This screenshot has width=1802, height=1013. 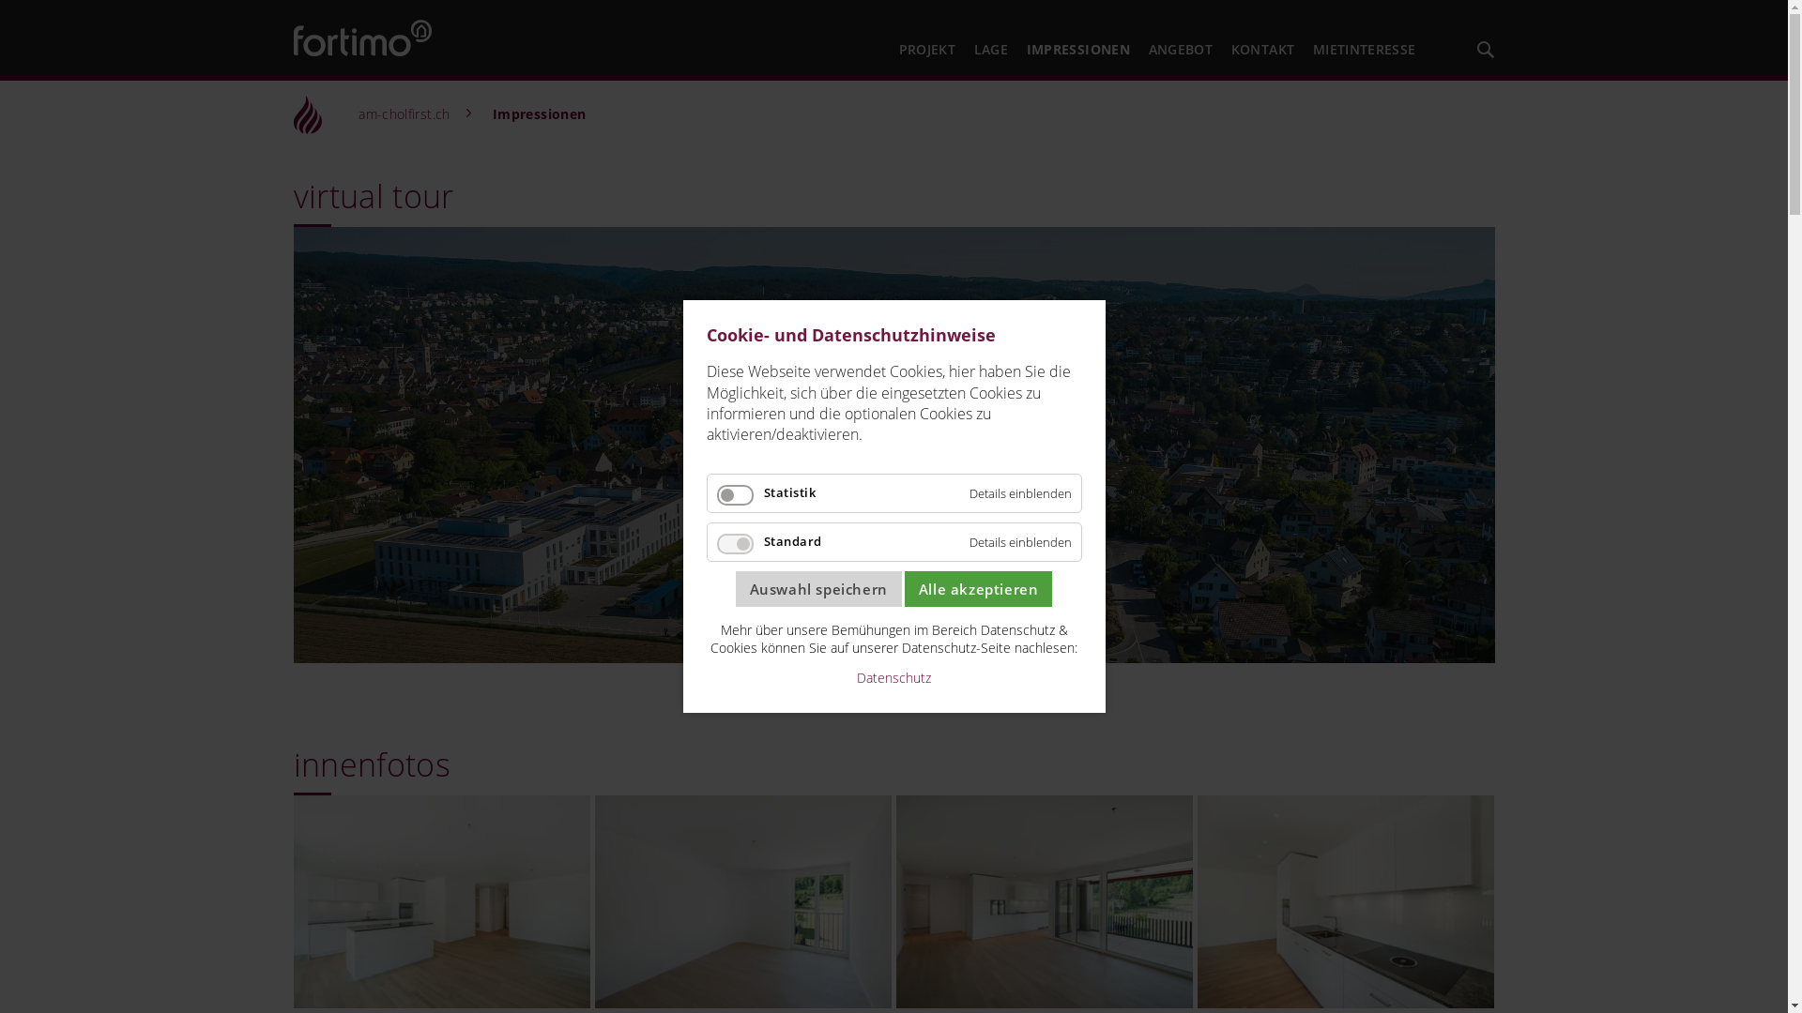 What do you see at coordinates (1485, 50) in the screenshot?
I see `'Fortimo durchsuchen'` at bounding box center [1485, 50].